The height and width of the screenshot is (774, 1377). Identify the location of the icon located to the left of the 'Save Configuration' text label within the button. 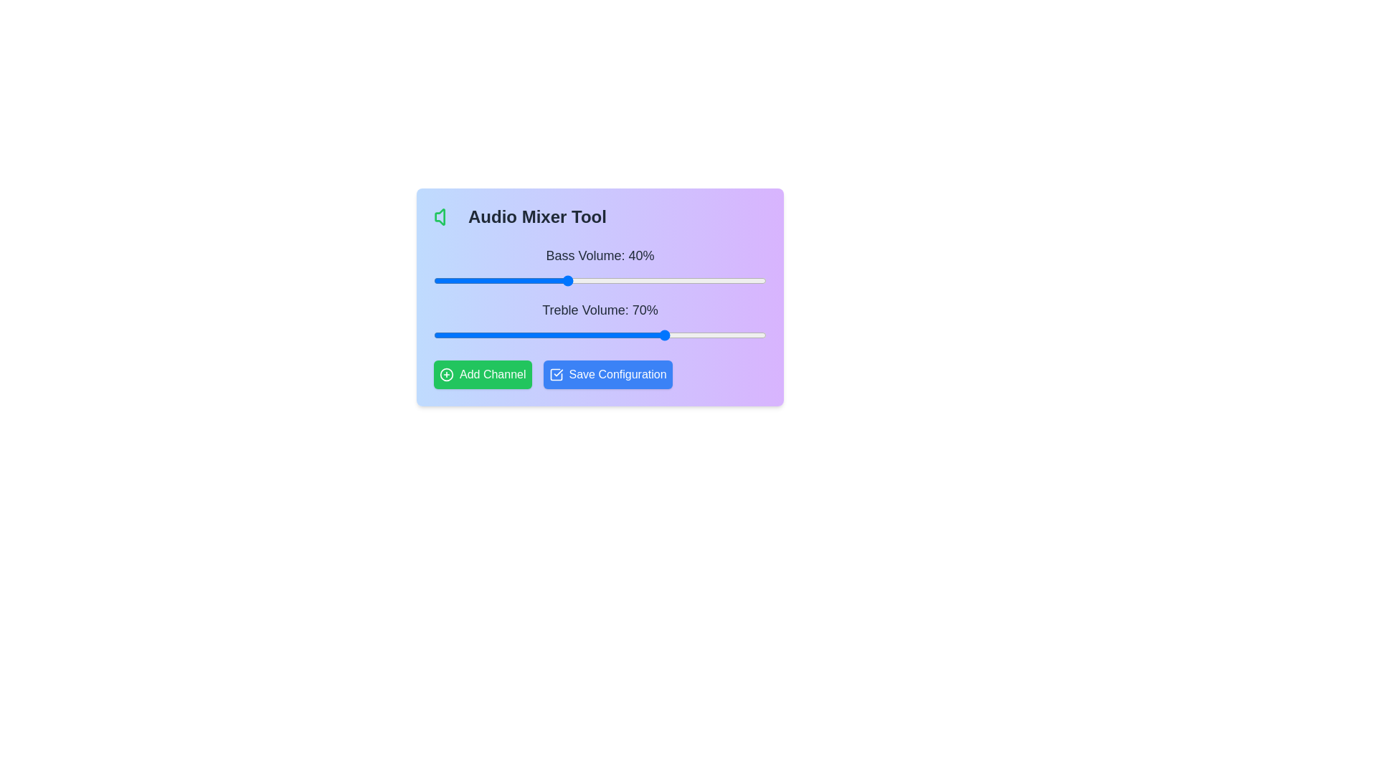
(555, 374).